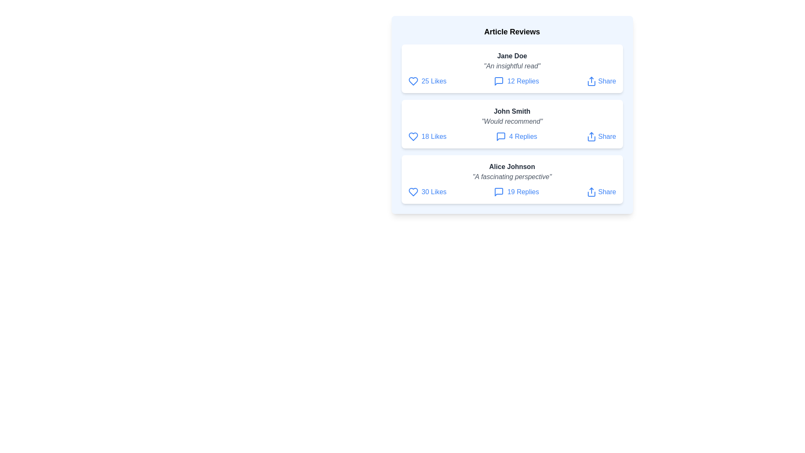  What do you see at coordinates (516, 81) in the screenshot?
I see `the replies button for the review by Jane Doe` at bounding box center [516, 81].